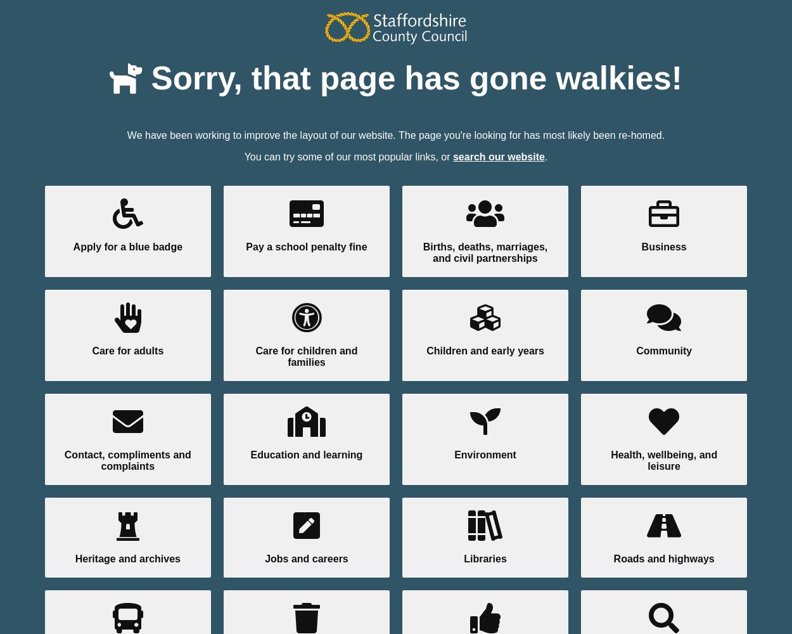  I want to click on 'Education and learning', so click(250, 453).